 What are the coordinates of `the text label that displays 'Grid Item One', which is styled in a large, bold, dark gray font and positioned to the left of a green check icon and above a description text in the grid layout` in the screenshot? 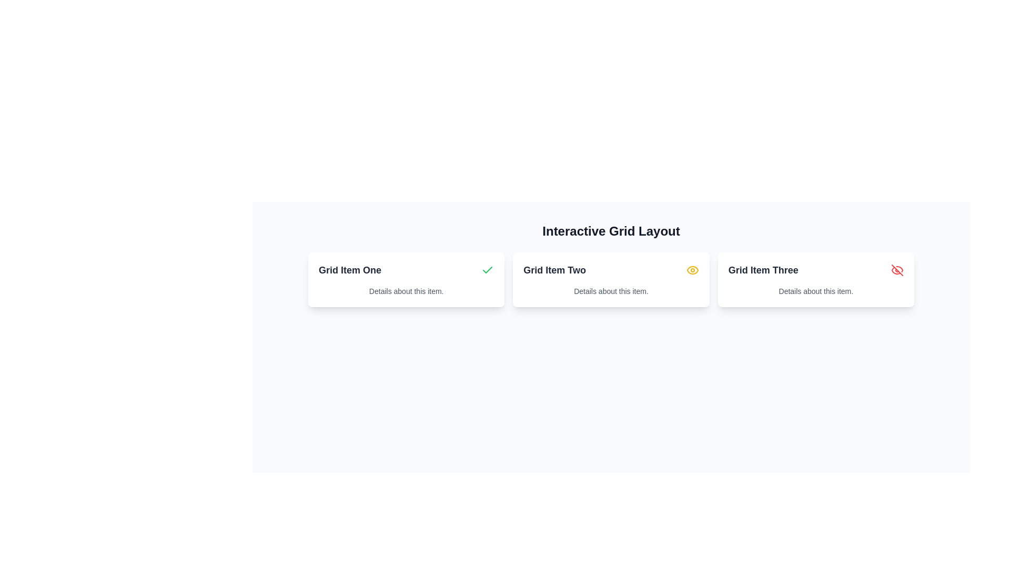 It's located at (350, 269).